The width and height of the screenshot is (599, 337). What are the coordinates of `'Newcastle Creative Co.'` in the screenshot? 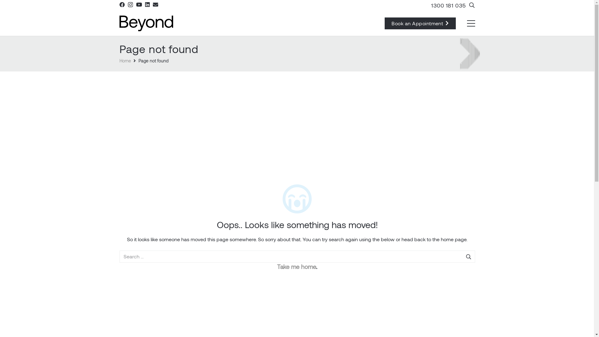 It's located at (376, 320).